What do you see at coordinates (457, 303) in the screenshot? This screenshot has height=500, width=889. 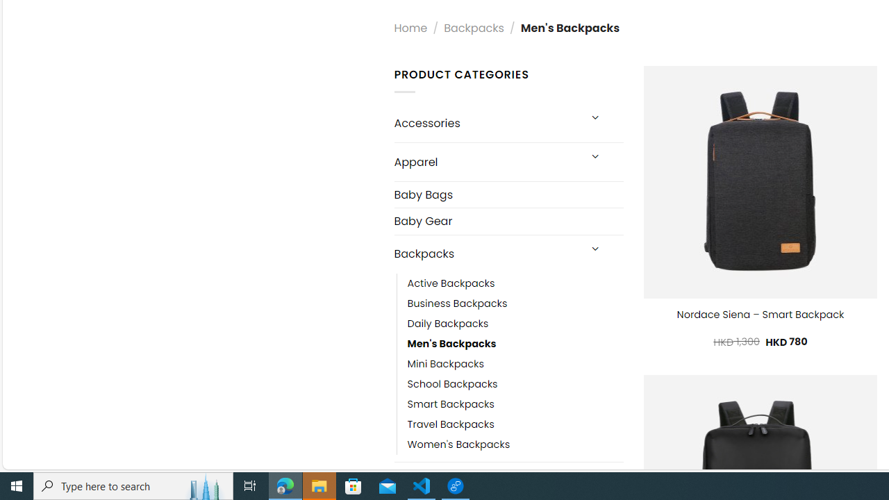 I see `'Business Backpacks'` at bounding box center [457, 303].